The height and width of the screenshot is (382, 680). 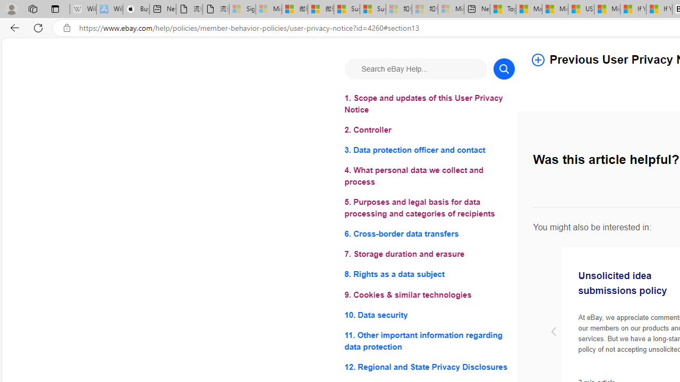 I want to click on '3. Data protection officer and contact', so click(x=429, y=150).